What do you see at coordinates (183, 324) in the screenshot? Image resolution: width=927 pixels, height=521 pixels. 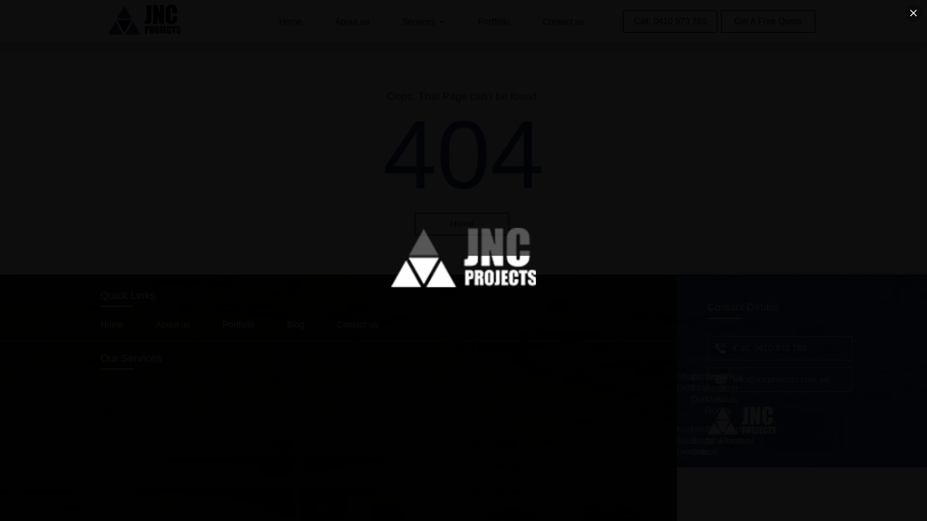 I see `'About us'` at bounding box center [183, 324].